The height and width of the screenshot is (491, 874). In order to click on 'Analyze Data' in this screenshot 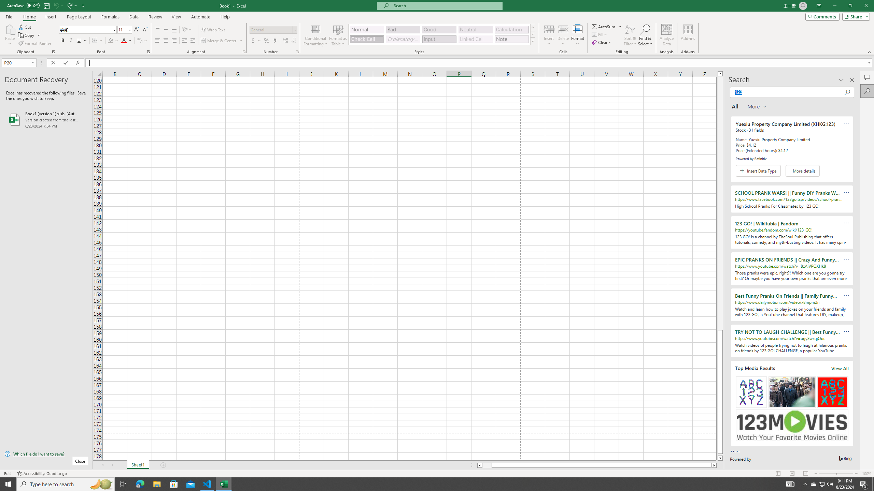, I will do `click(666, 35)`.